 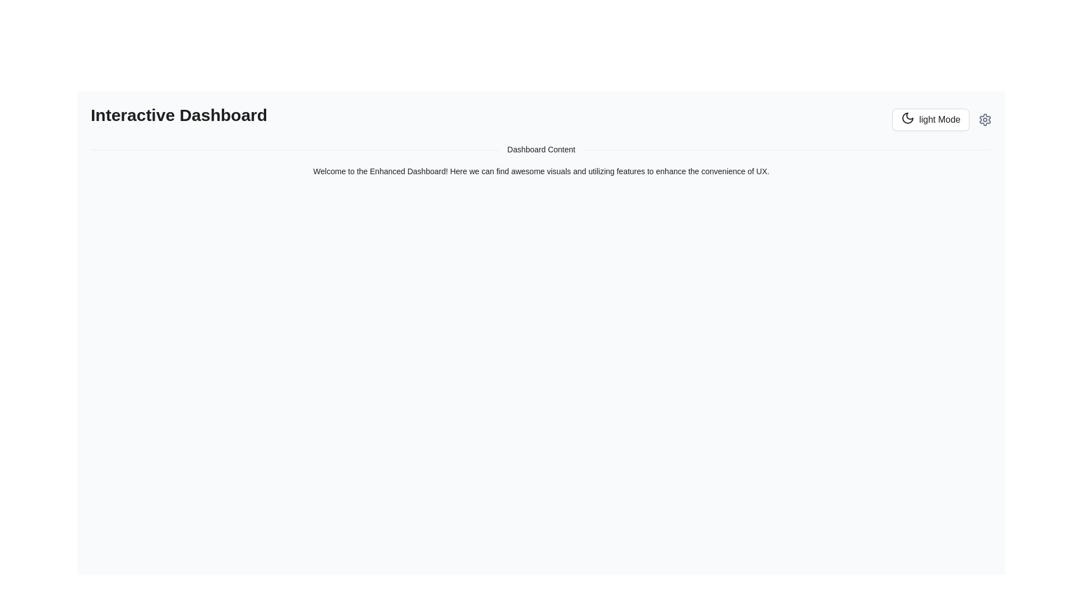 I want to click on the text label located directly below the 'Interactive Dashboard' header, which serves as a section title providing context for the content below, so click(x=541, y=148).